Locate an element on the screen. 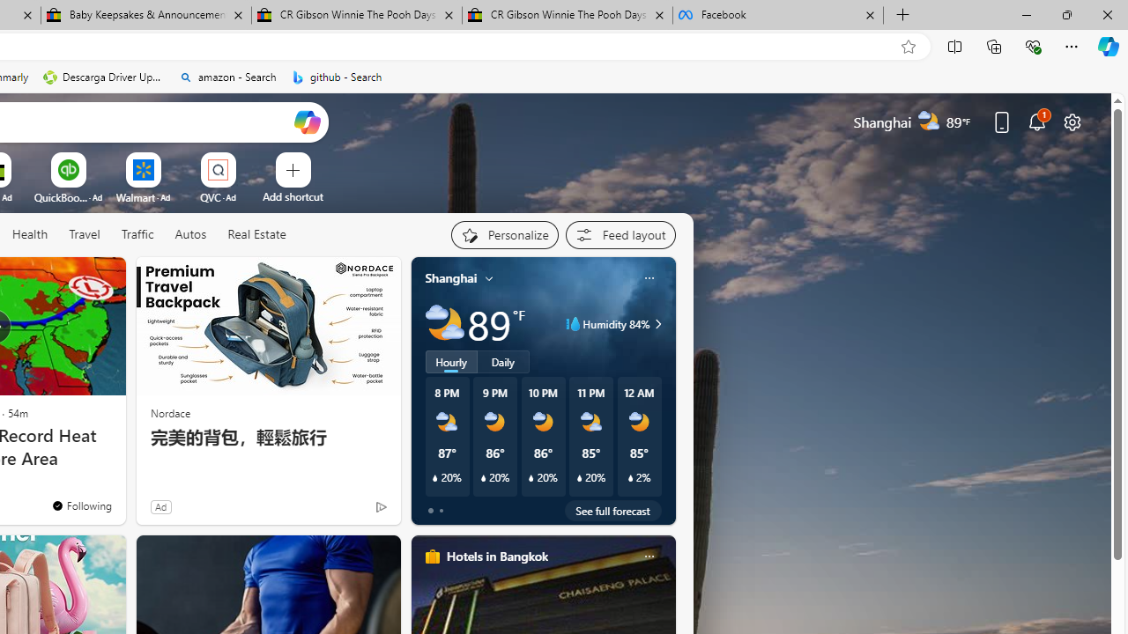  'Travel' is located at coordinates (84, 233).